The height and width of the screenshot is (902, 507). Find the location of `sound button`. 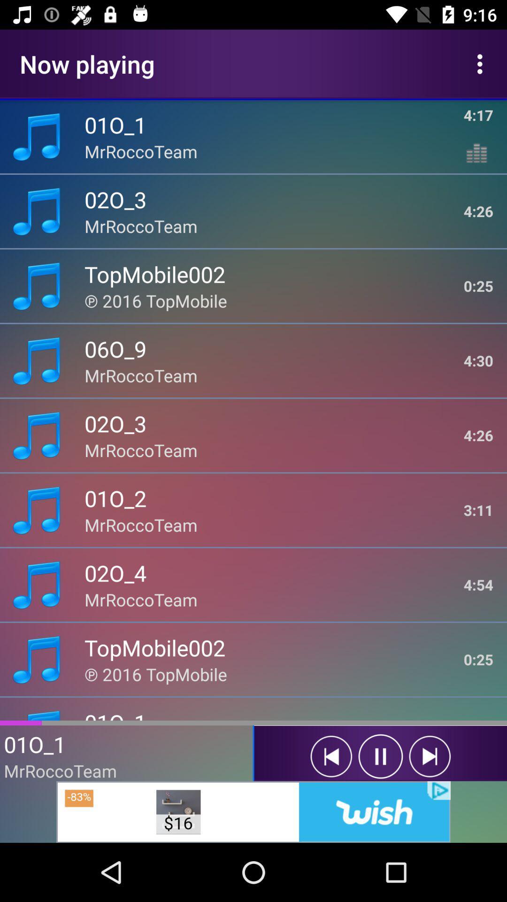

sound button is located at coordinates (330, 756).